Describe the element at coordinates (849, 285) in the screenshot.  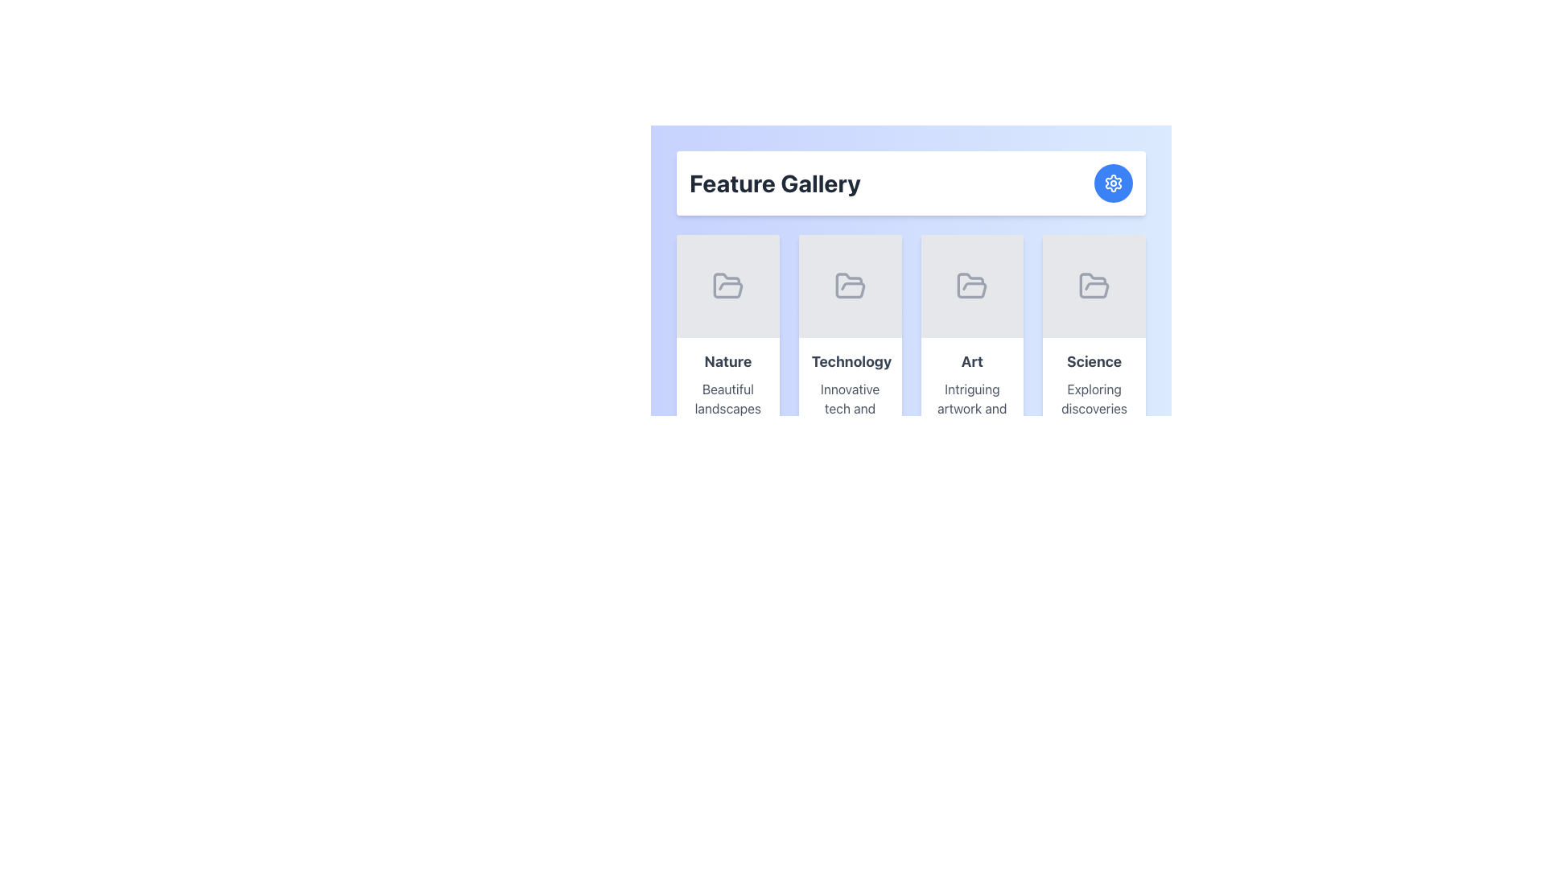
I see `the folder icon on a light gray background located in the second column below the 'Technology' title` at that location.